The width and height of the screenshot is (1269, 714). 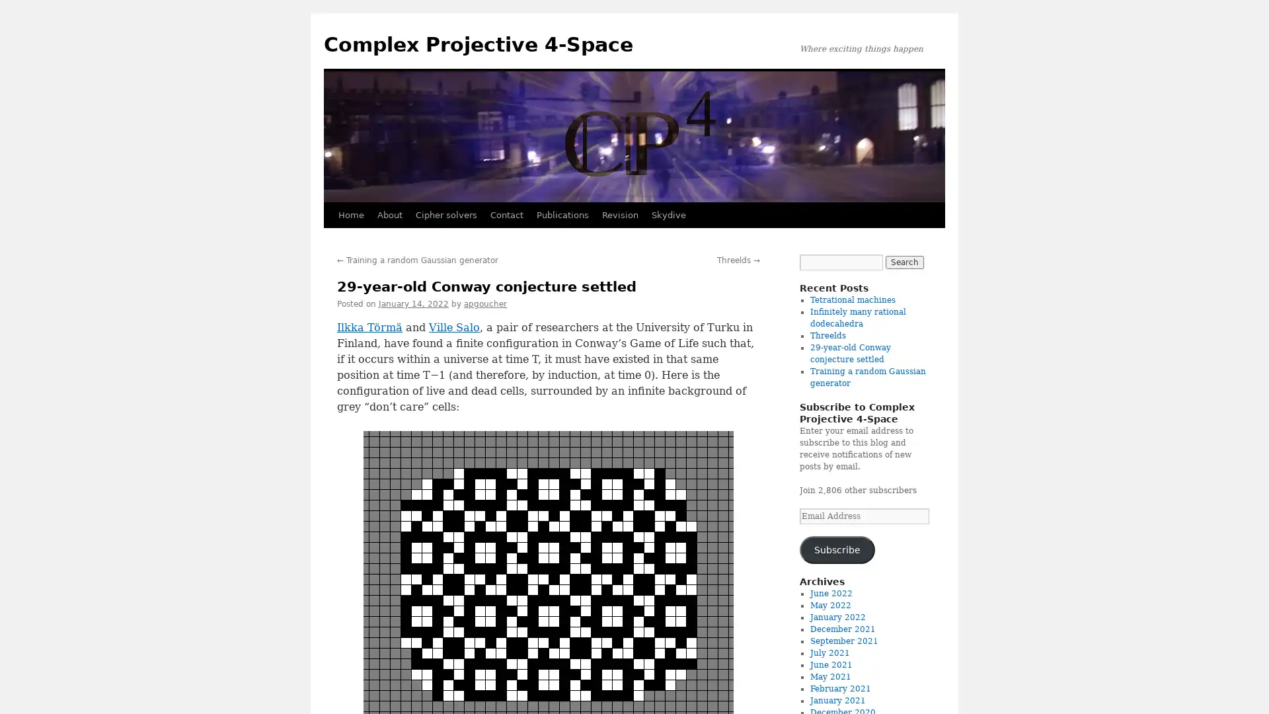 What do you see at coordinates (904, 262) in the screenshot?
I see `Search` at bounding box center [904, 262].